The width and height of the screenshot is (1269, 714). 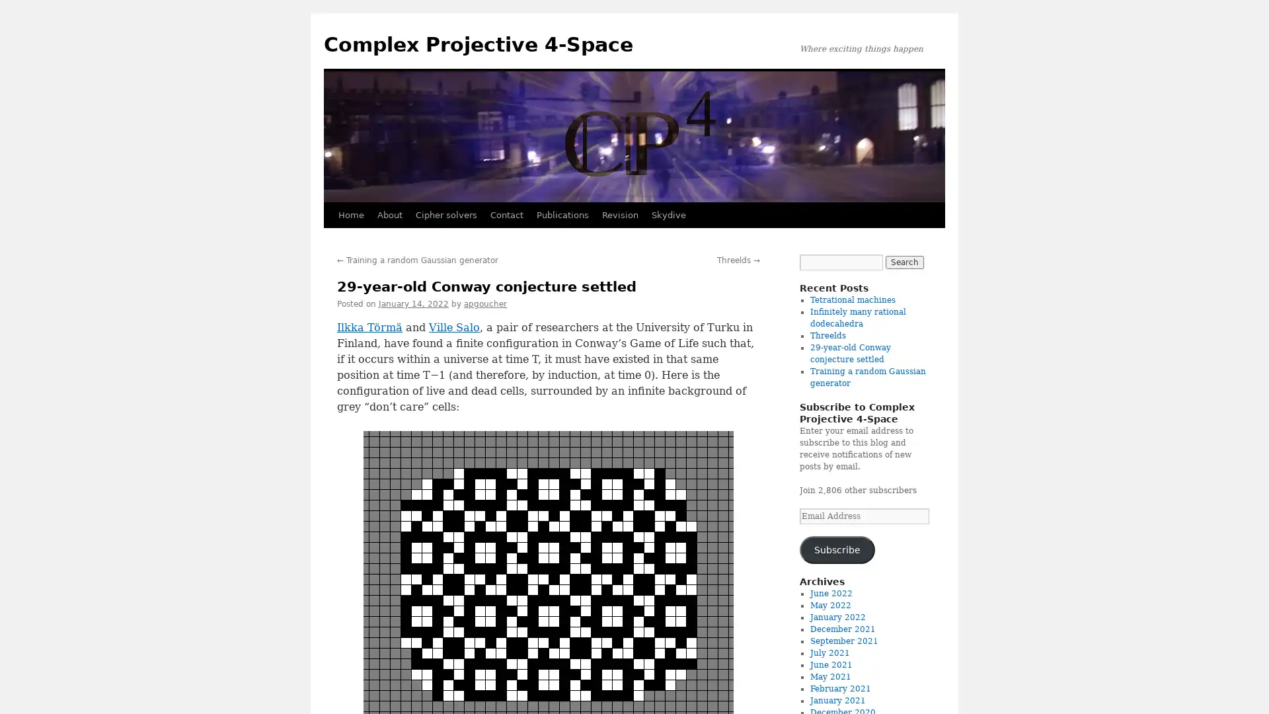 What do you see at coordinates (904, 262) in the screenshot?
I see `Search` at bounding box center [904, 262].